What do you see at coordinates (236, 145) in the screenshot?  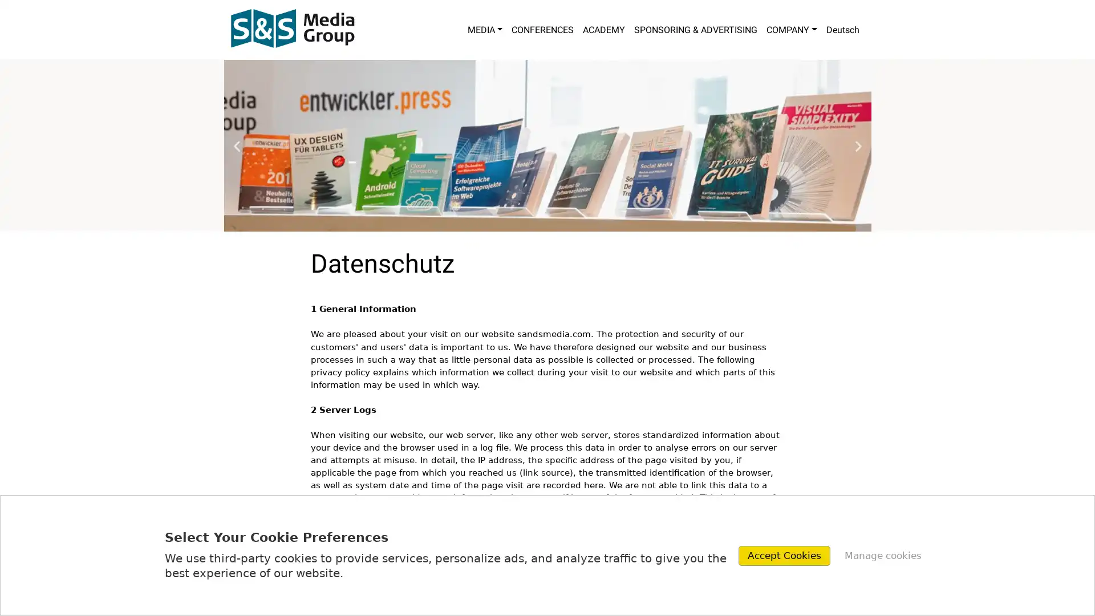 I see `Previous slide` at bounding box center [236, 145].